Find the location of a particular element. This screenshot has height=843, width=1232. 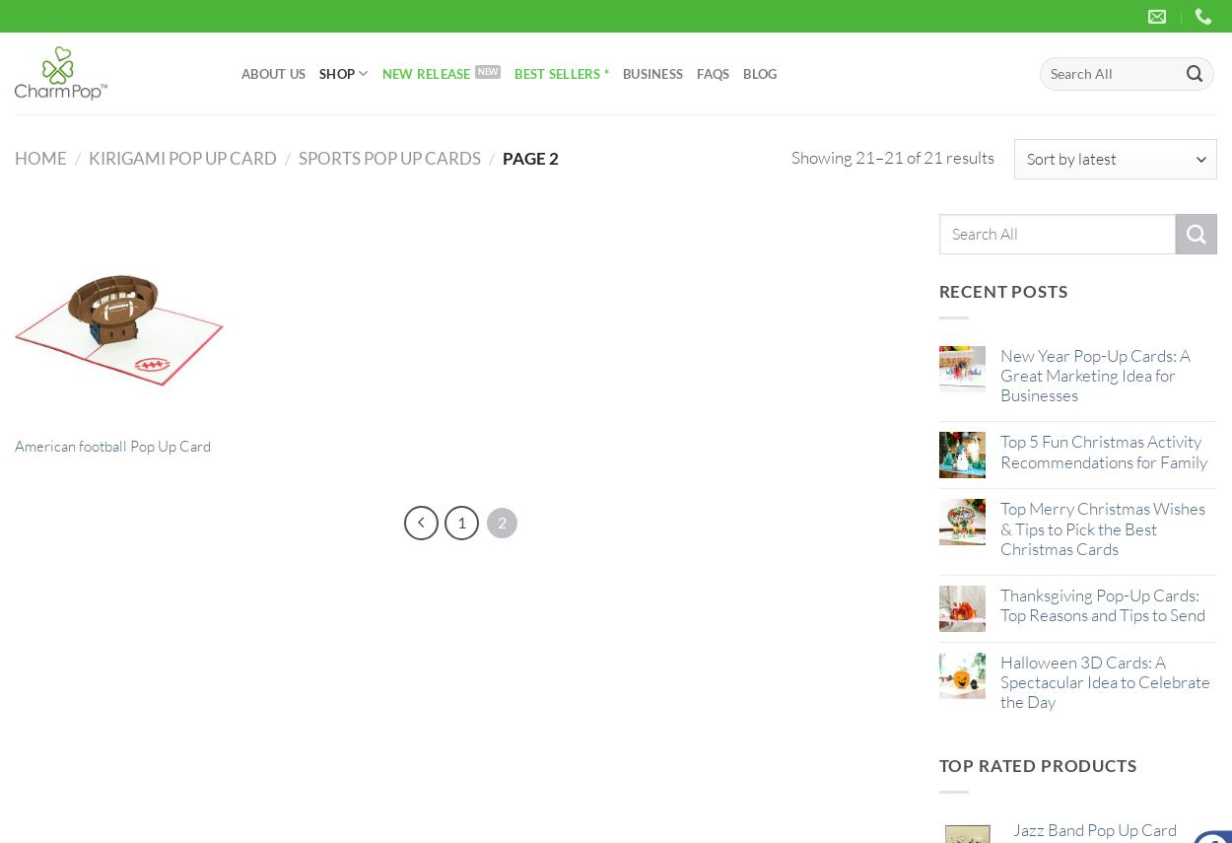

'Halloween 3D Cards: A Spectacular Idea to Celebrate the Day' is located at coordinates (1103, 681).